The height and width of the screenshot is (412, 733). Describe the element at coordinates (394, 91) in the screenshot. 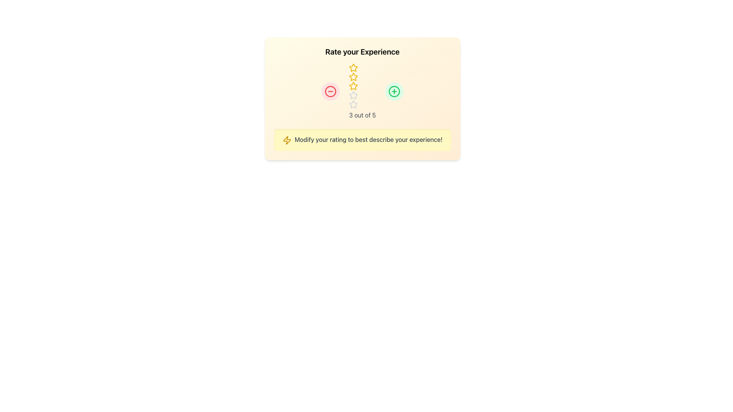

I see `the green circular SVG element containing a plus icon, located at the top right area of the rating section` at that location.